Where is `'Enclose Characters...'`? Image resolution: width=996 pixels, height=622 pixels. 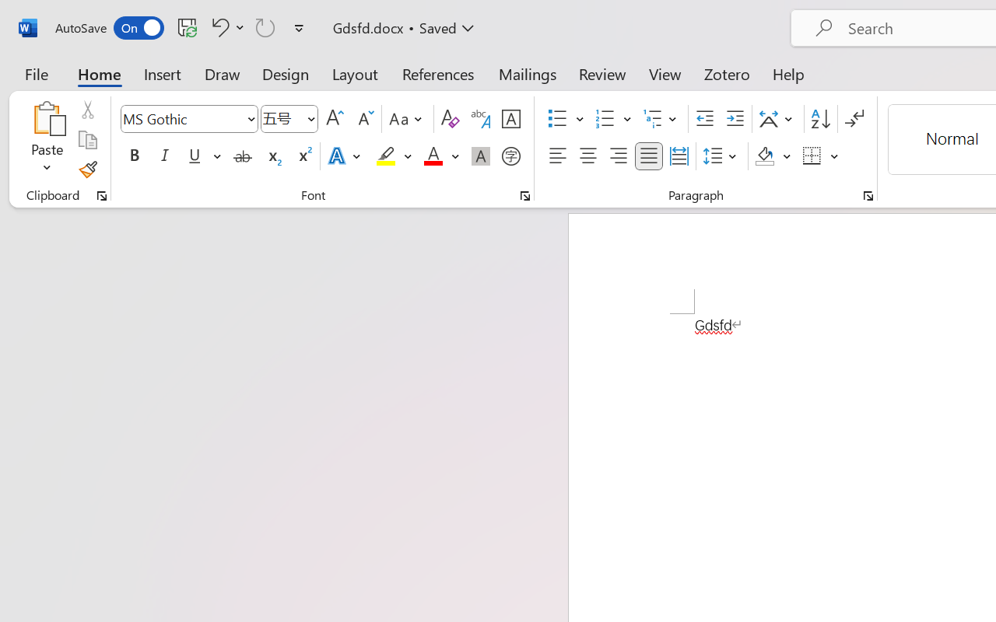 'Enclose Characters...' is located at coordinates (510, 156).